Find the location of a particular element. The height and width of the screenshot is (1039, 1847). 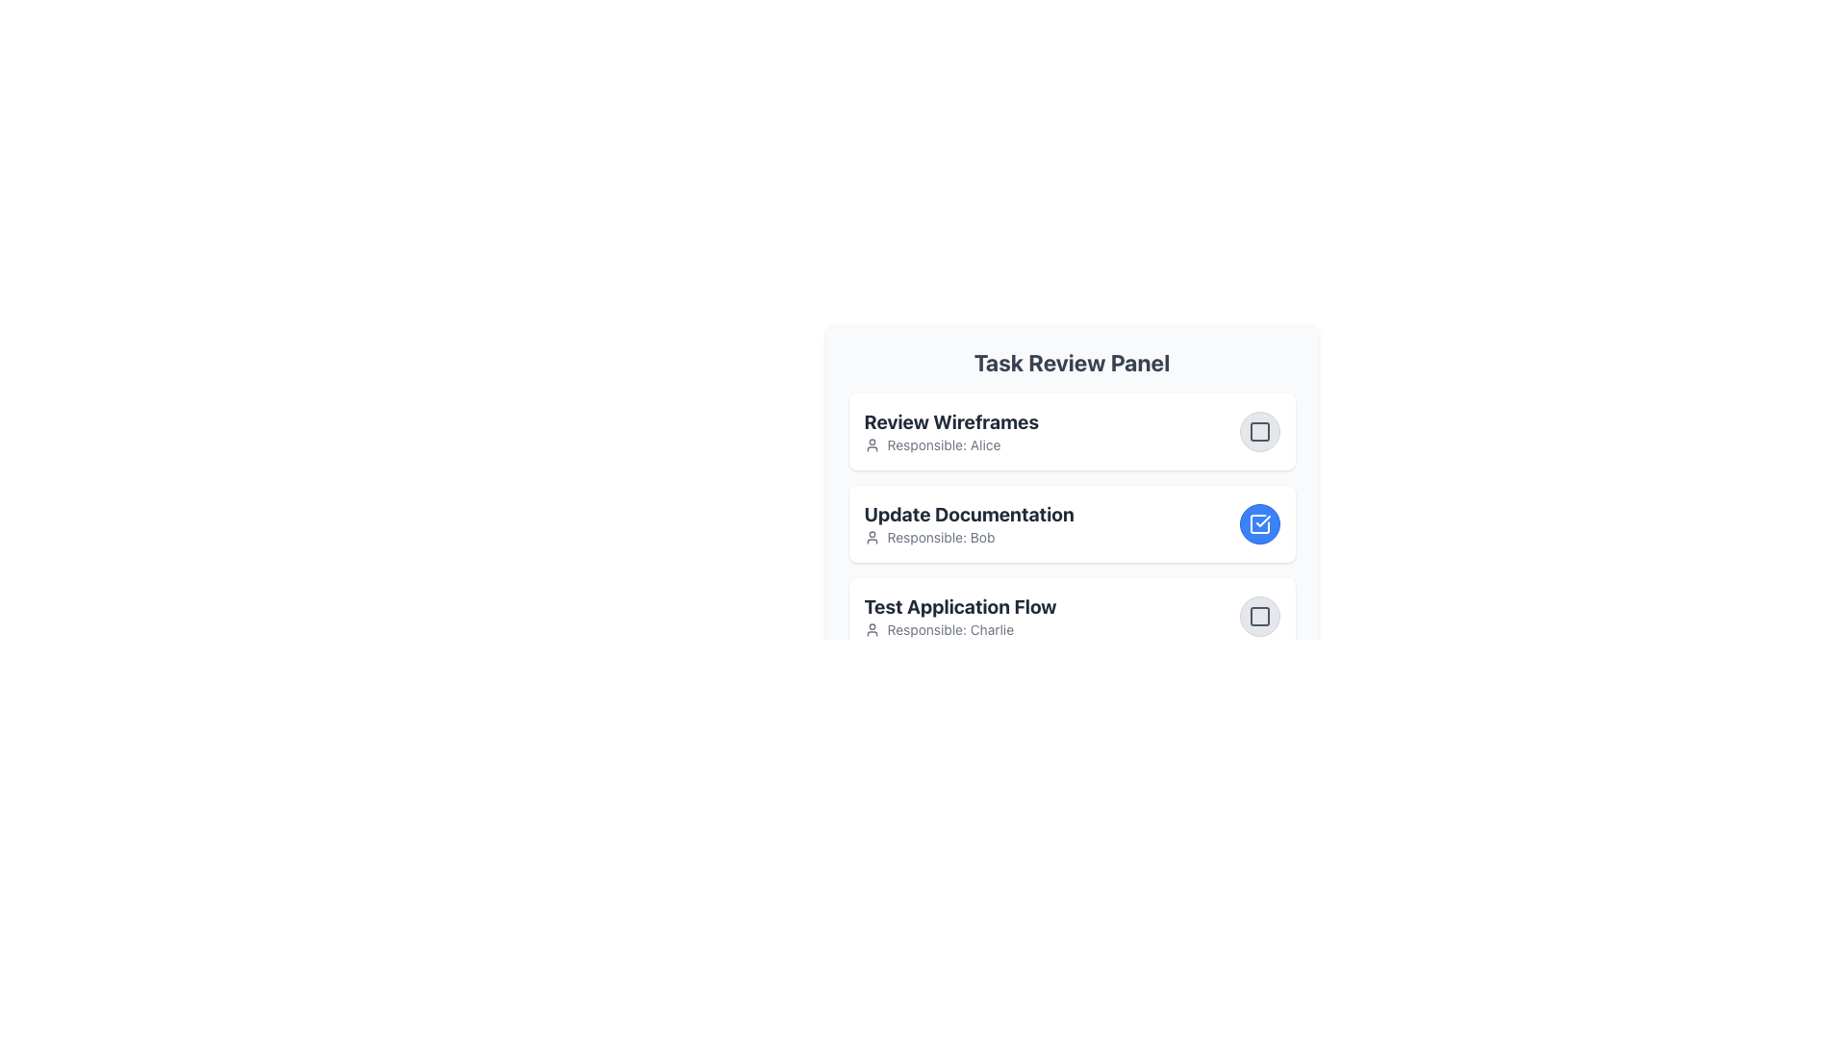

the Icon that denotes the responsible person for the task in the 'Task Review Panel', which is adjacent to the description text 'Responsible: Charlie' is located at coordinates (871, 630).